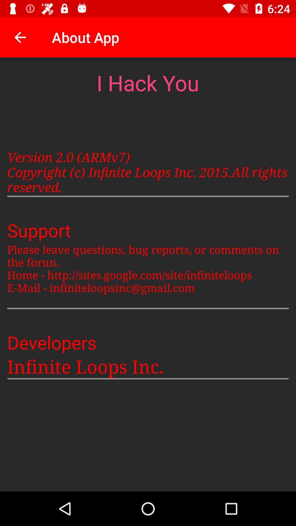 The image size is (296, 526). Describe the element at coordinates (20, 37) in the screenshot. I see `item next to about app item` at that location.